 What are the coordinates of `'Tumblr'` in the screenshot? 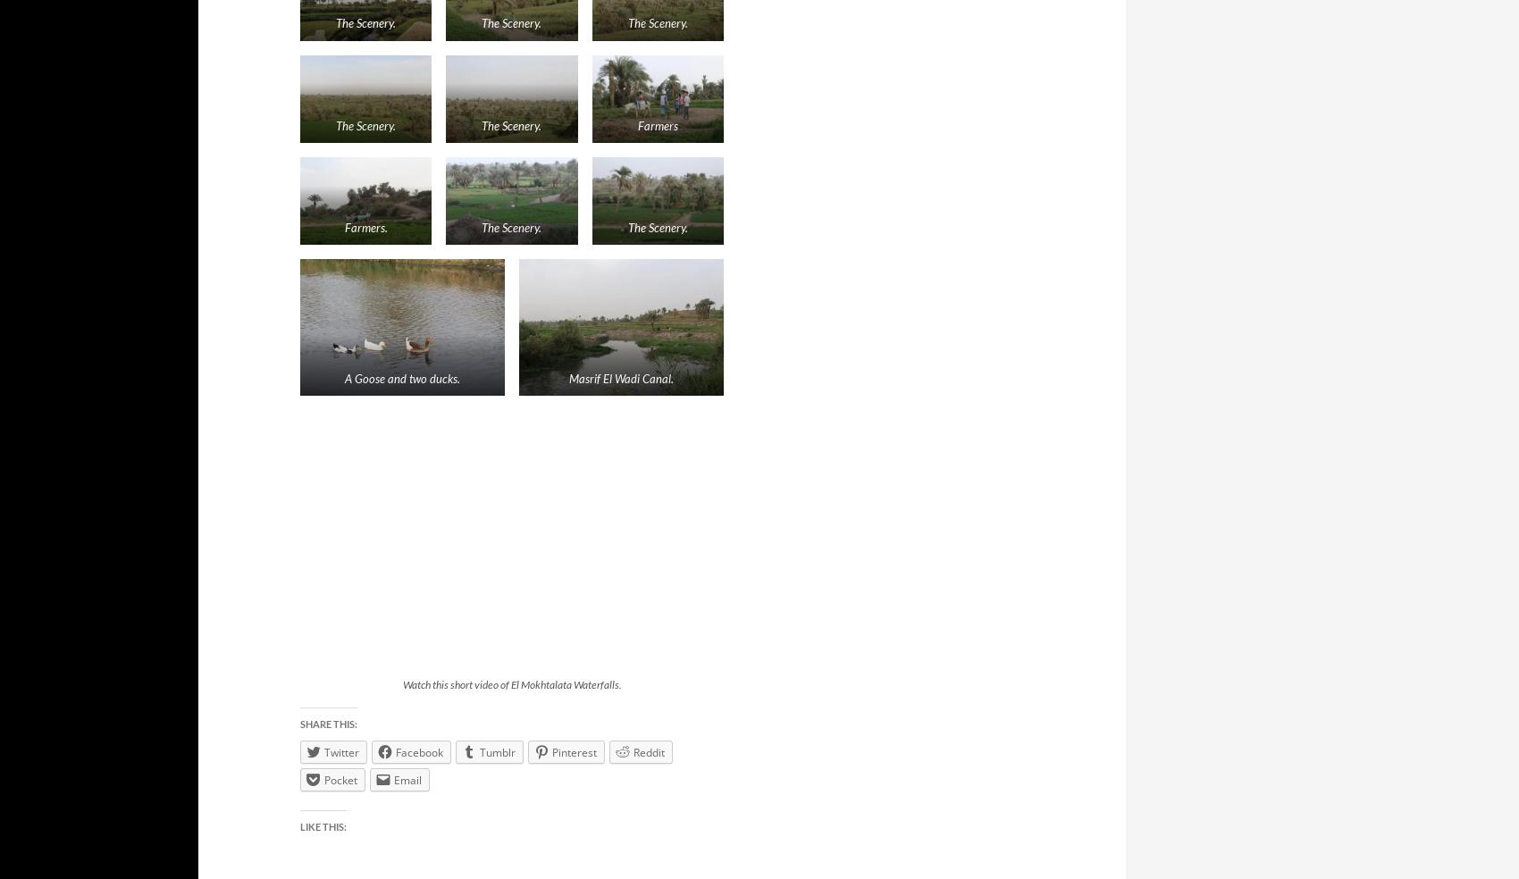 It's located at (496, 750).